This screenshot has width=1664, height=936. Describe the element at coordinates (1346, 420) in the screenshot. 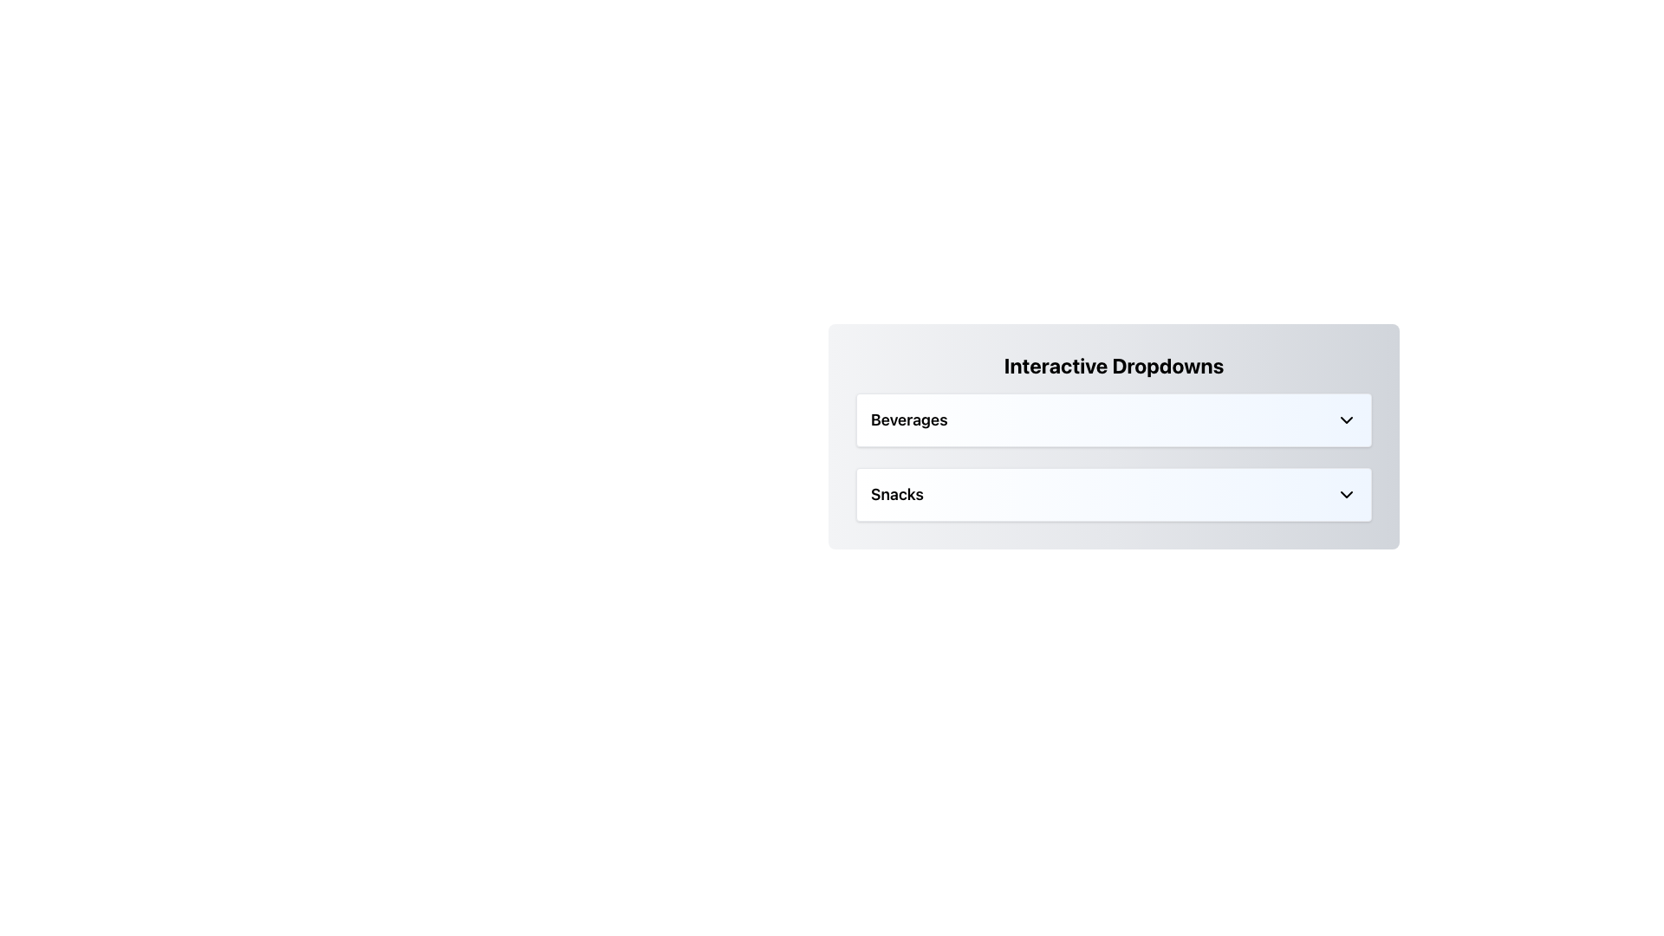

I see `the chevron-down icon located to the far right of the 'Beverages' section` at that location.